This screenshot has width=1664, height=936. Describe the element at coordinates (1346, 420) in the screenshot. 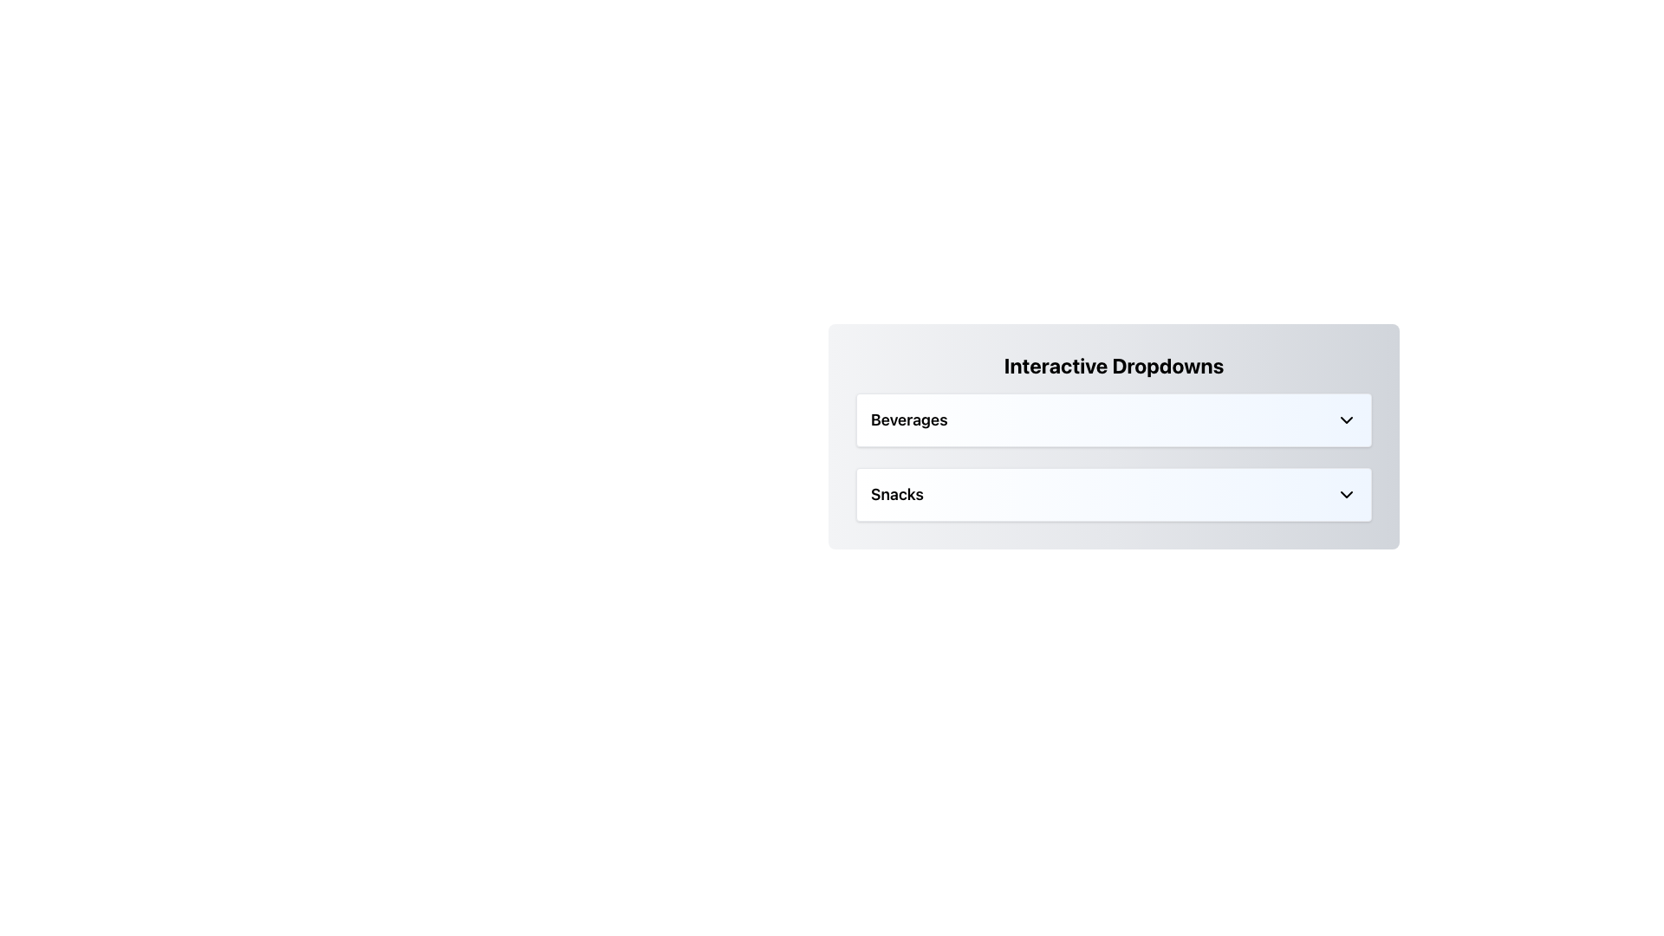

I see `the chevron-down icon located to the far right of the 'Beverages' section` at that location.